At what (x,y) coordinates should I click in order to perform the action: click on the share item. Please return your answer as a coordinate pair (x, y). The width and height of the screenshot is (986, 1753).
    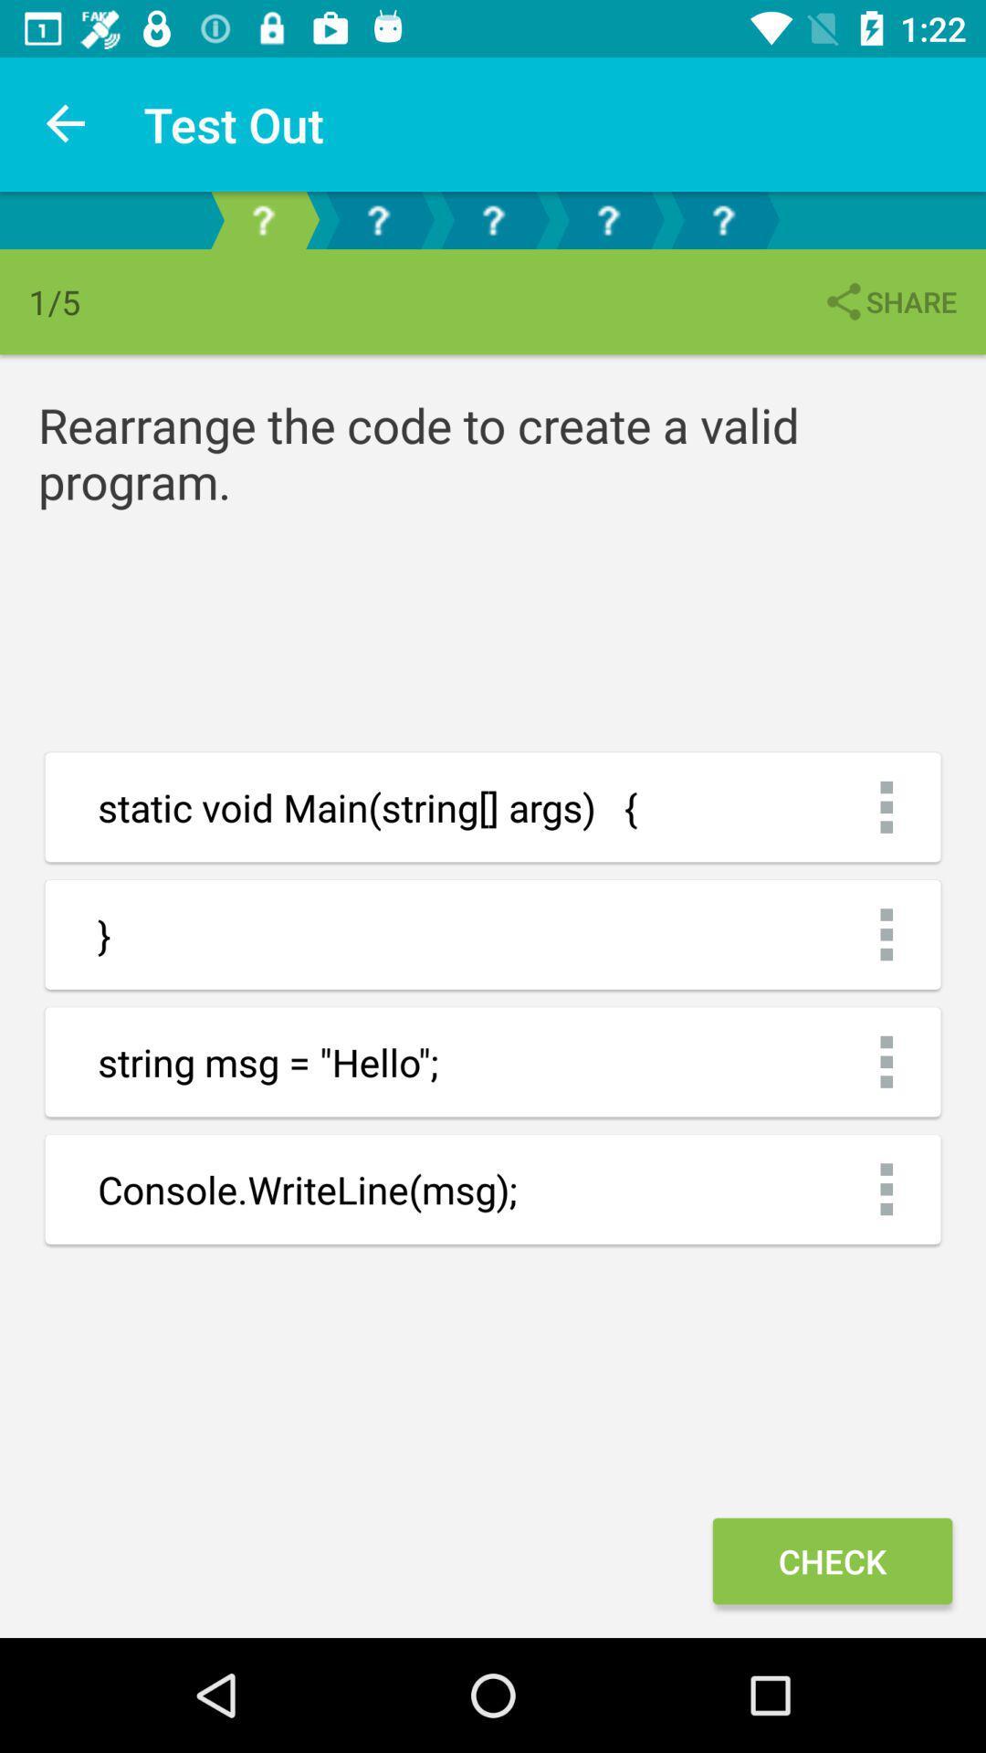
    Looking at the image, I should click on (888, 301).